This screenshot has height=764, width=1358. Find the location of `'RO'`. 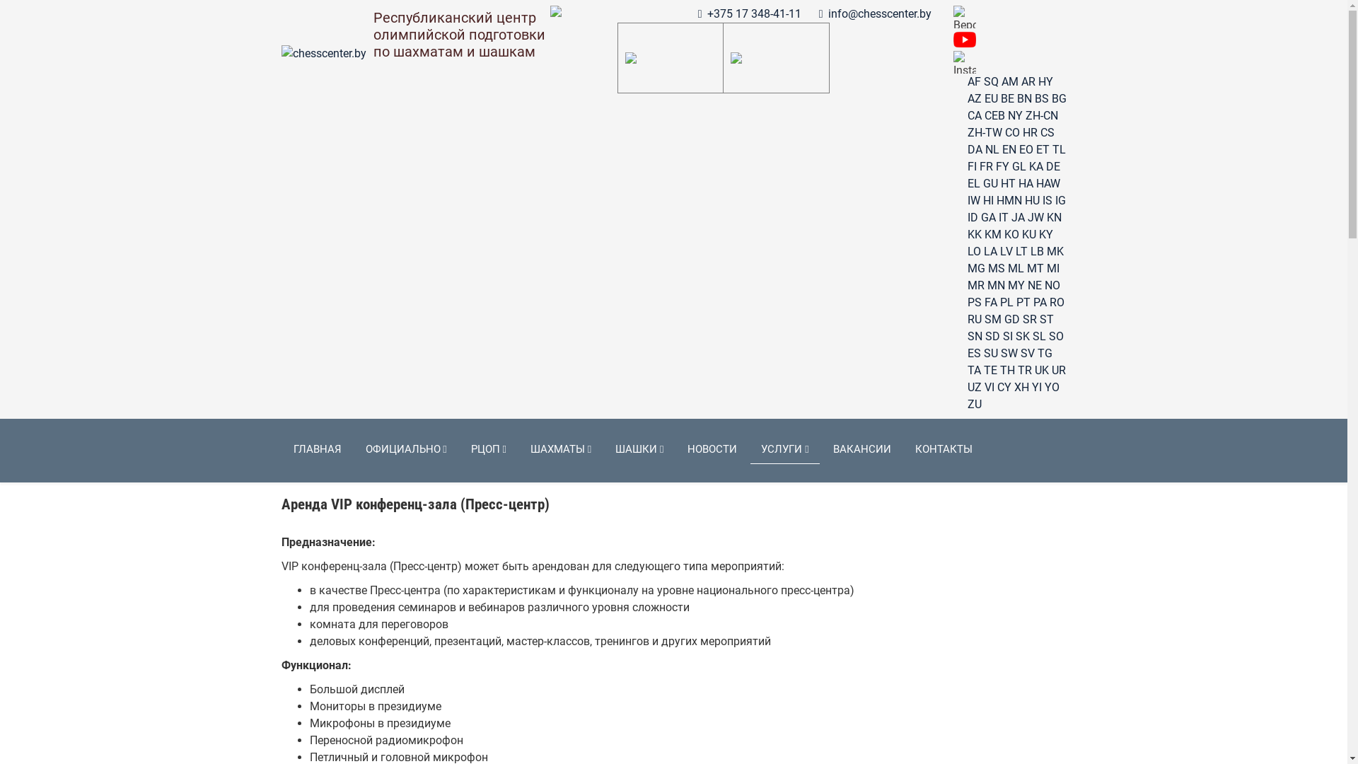

'RO' is located at coordinates (1057, 301).